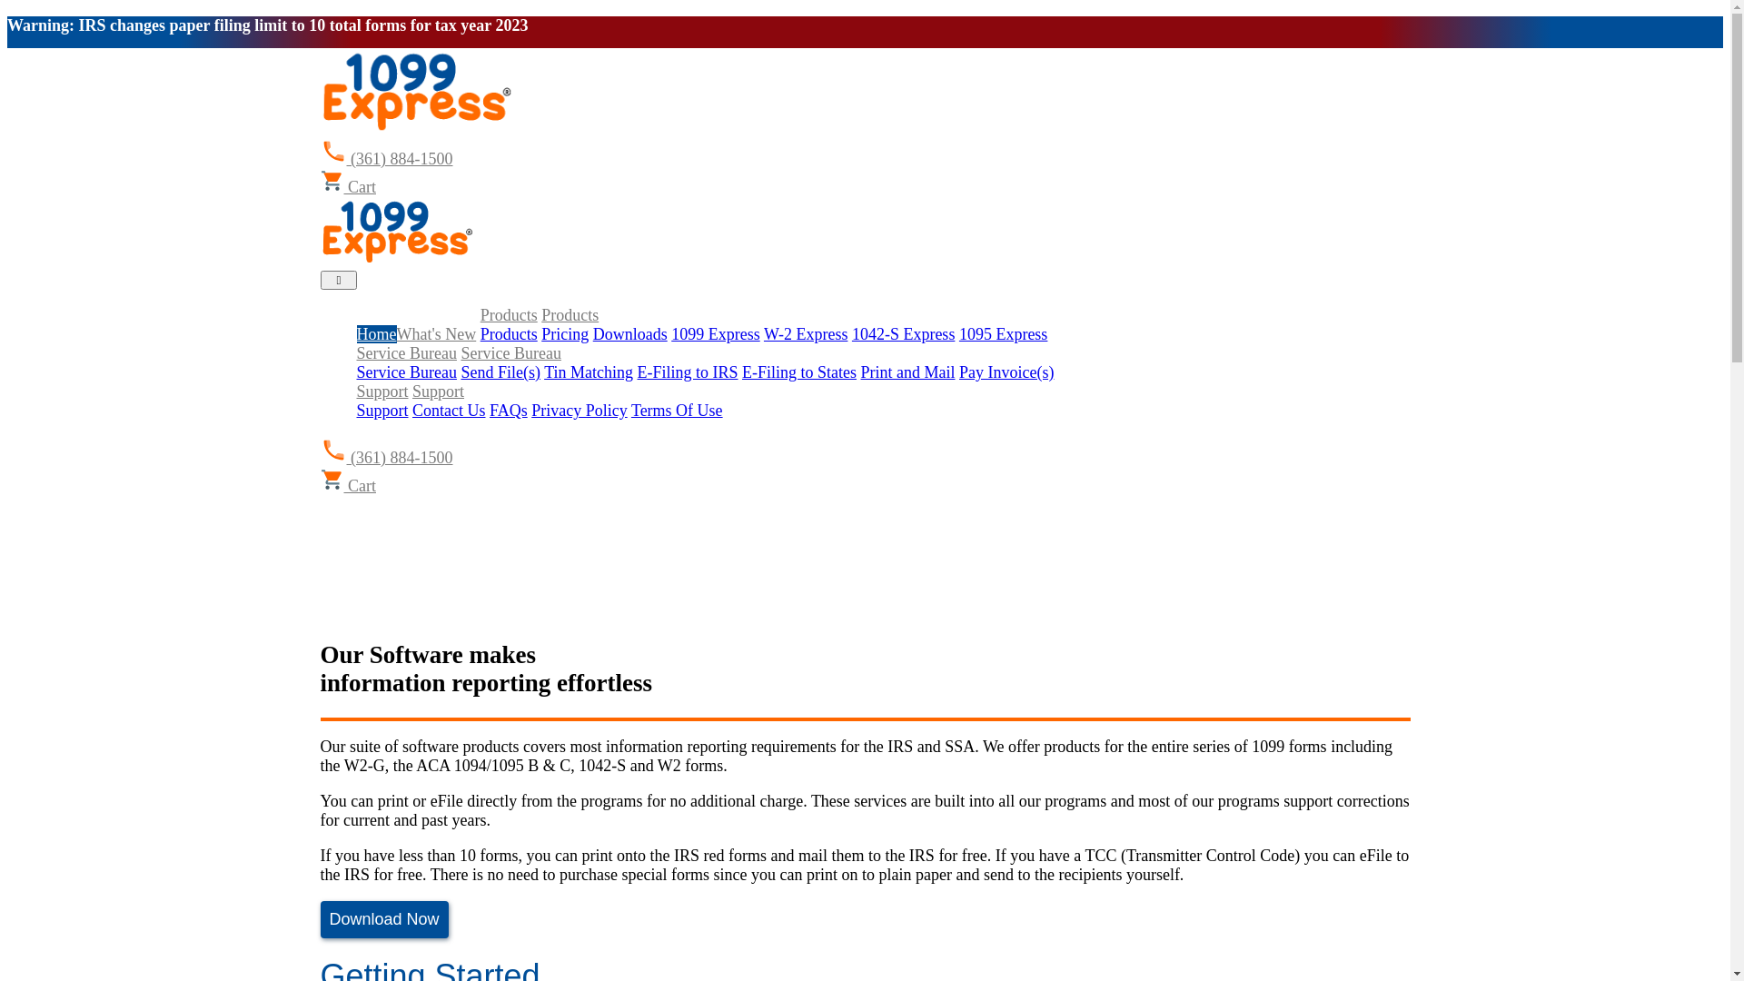 The height and width of the screenshot is (981, 1744). I want to click on 'Pay Invoice(s)', so click(1006, 371).